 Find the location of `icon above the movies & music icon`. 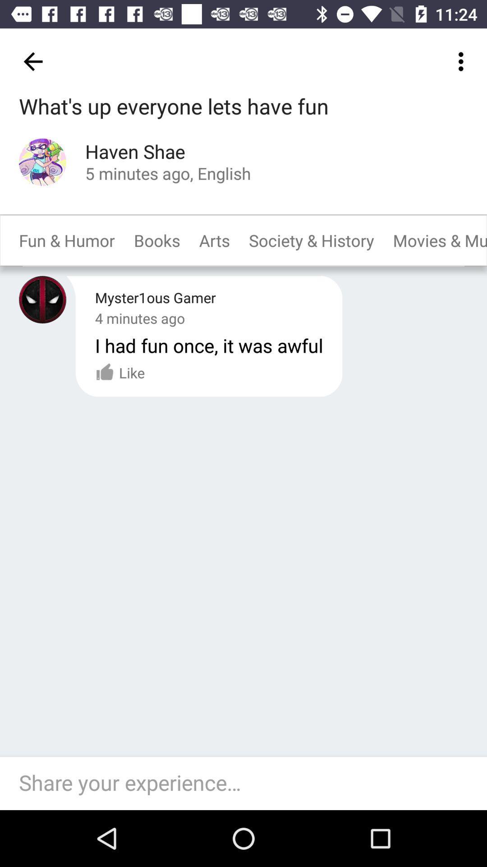

icon above the movies & music icon is located at coordinates (463, 61).